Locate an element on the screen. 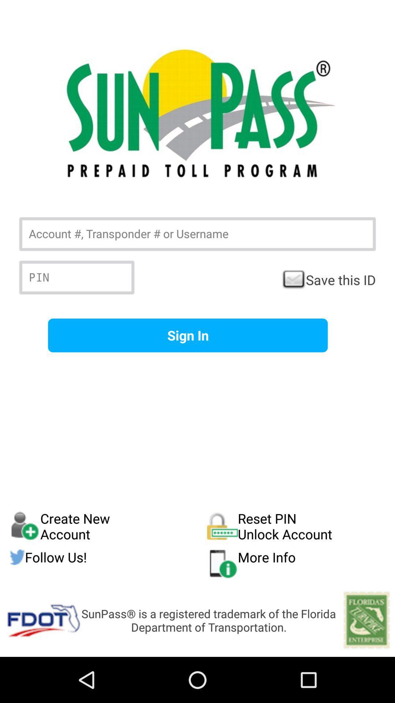  the icon below the sign in item is located at coordinates (296, 526).